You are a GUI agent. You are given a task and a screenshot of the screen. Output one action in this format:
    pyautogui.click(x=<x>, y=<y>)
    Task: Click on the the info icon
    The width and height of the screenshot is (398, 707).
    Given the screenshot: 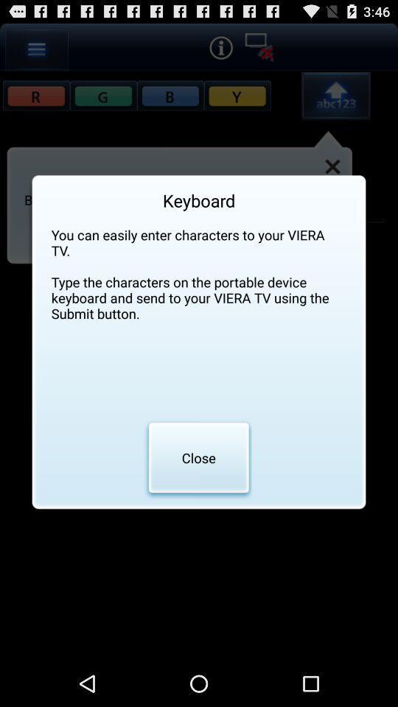 What is the action you would take?
    pyautogui.click(x=220, y=50)
    